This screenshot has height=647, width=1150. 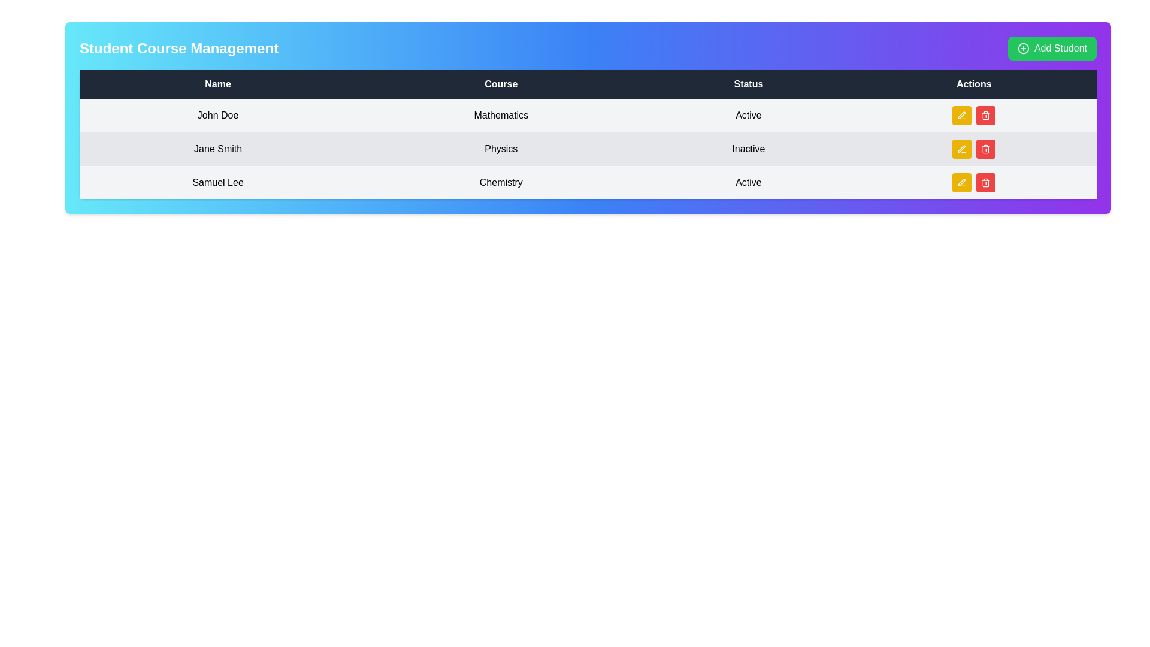 I want to click on the pen icon button in the 'Actions' column of the third row of the table, so click(x=961, y=182).